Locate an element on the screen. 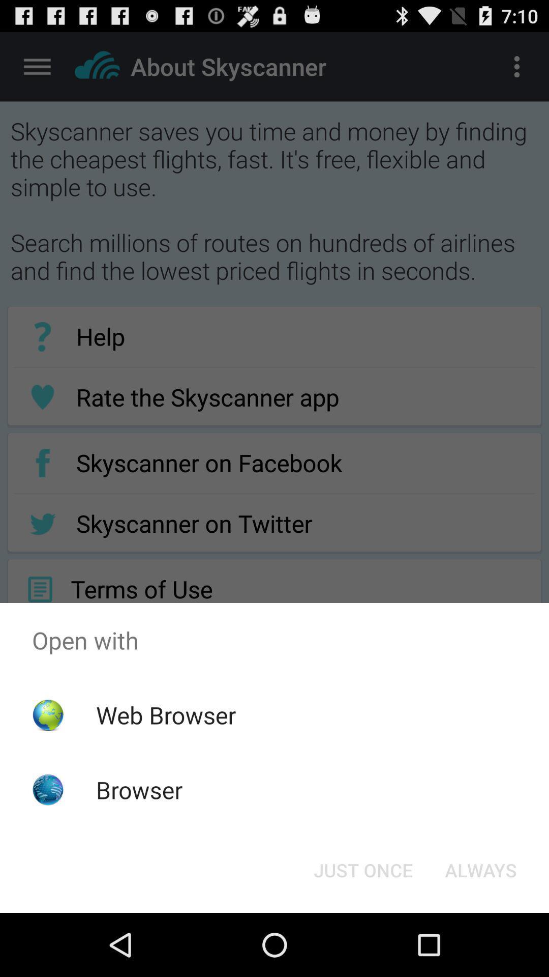 This screenshot has width=549, height=977. the button next to just once item is located at coordinates (480, 869).